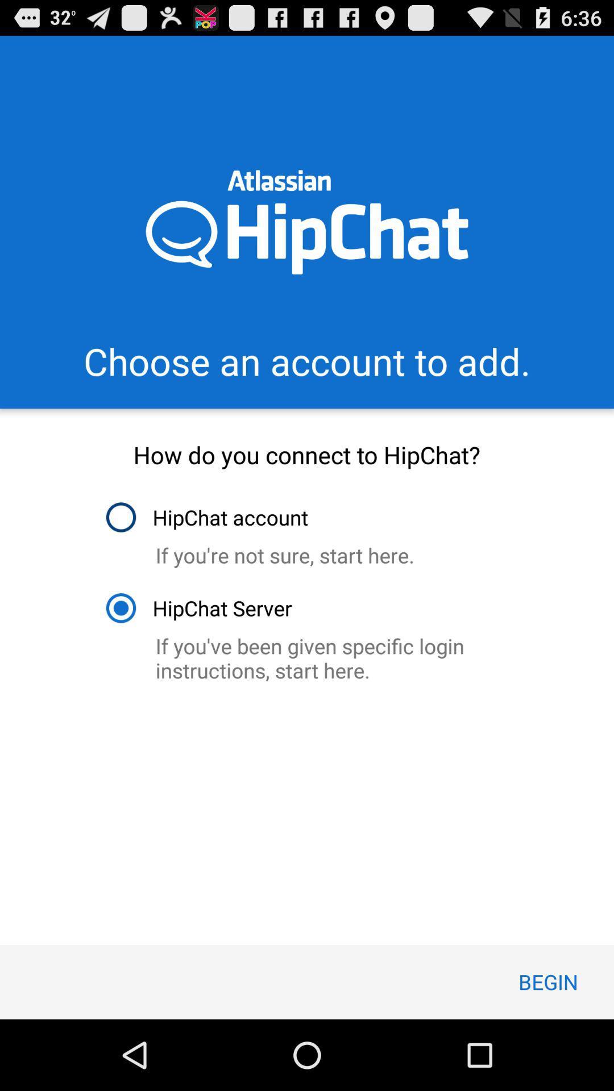  Describe the element at coordinates (206, 517) in the screenshot. I see `hipchat account item` at that location.